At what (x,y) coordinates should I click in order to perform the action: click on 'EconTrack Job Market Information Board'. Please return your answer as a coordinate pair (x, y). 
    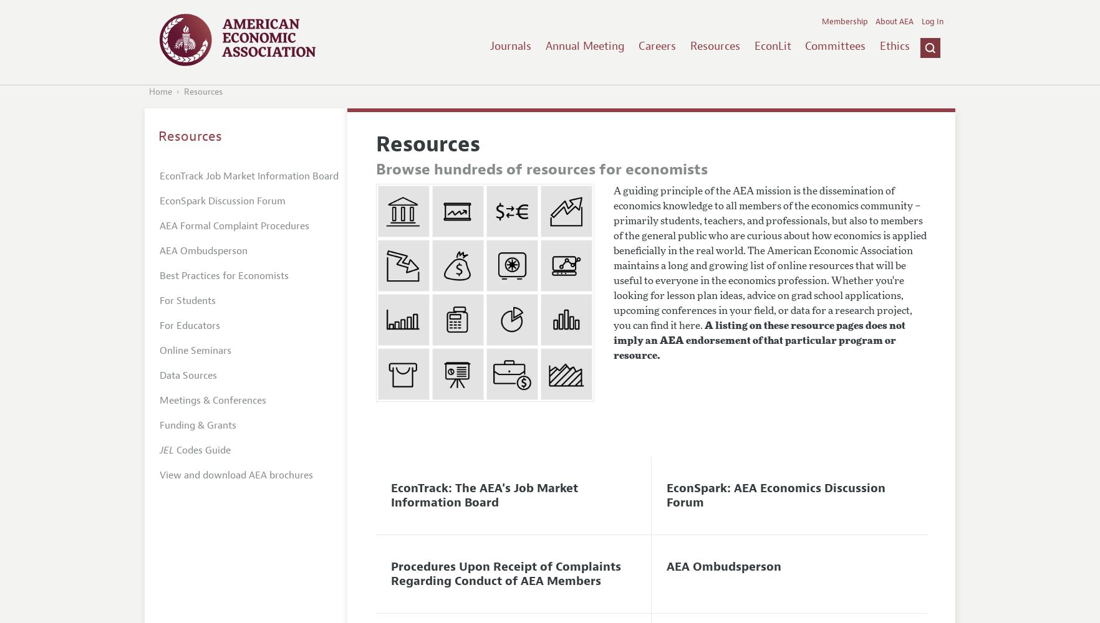
    Looking at the image, I should click on (249, 176).